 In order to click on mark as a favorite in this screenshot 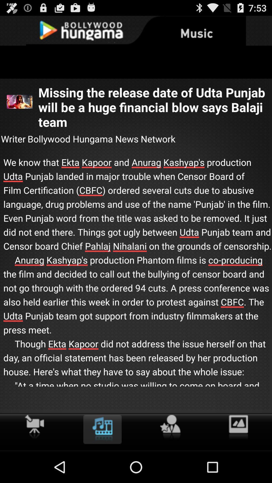, I will do `click(170, 427)`.